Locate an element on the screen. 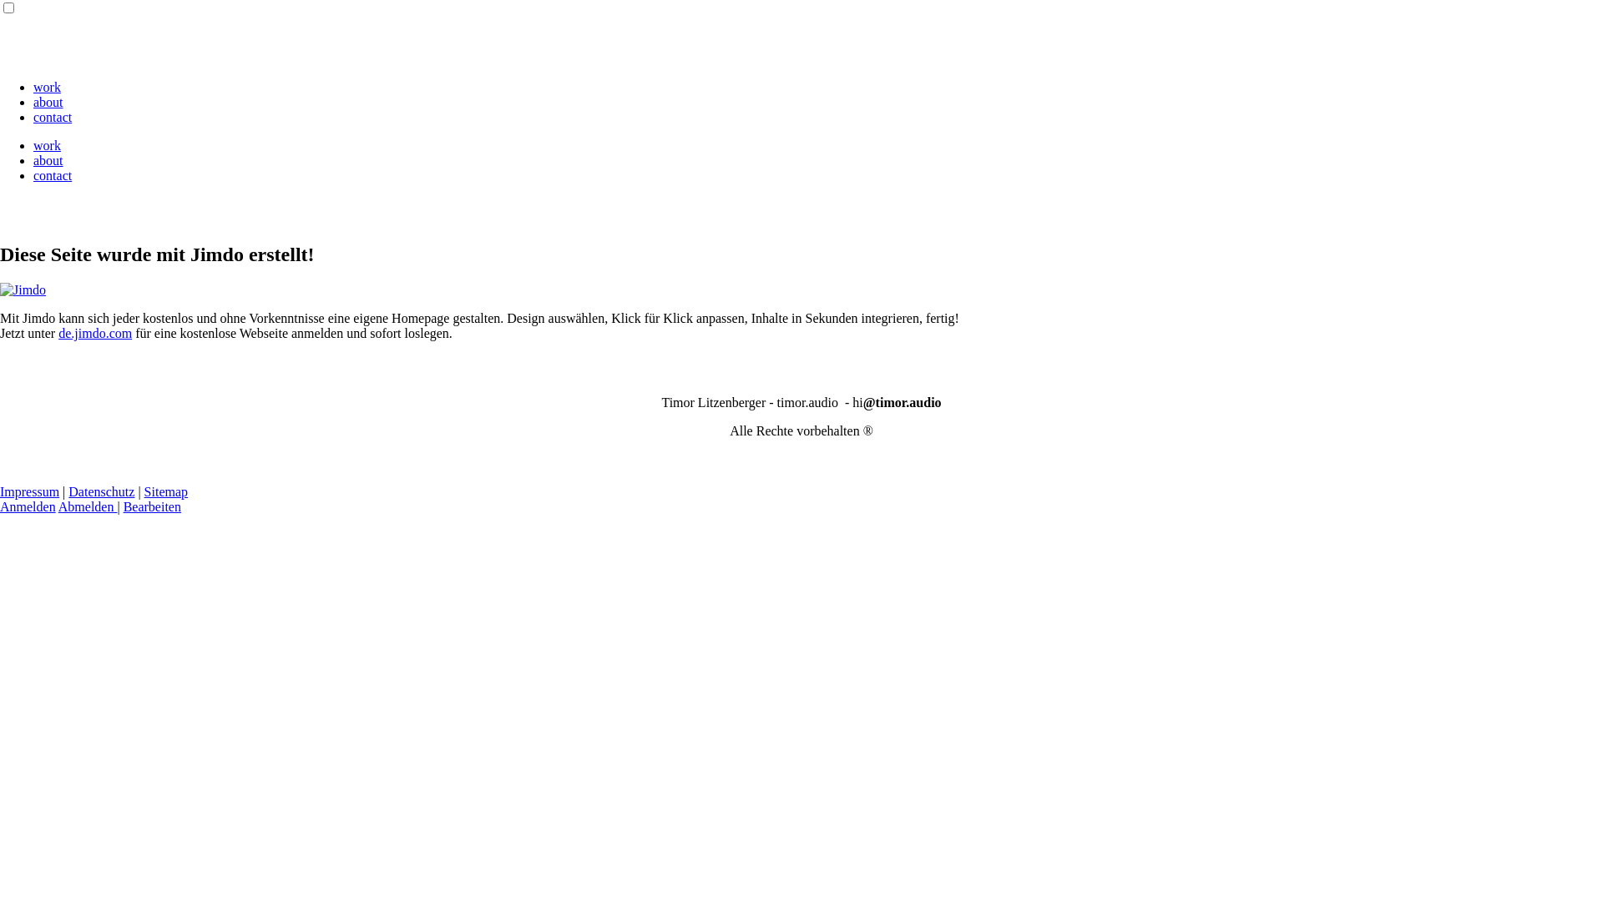 The image size is (1603, 901). 'Datenschutz' is located at coordinates (100, 491).